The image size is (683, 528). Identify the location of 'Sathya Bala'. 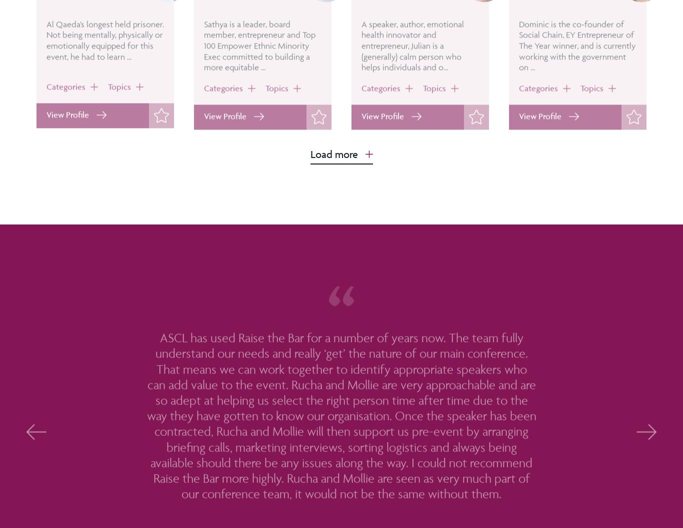
(233, 20).